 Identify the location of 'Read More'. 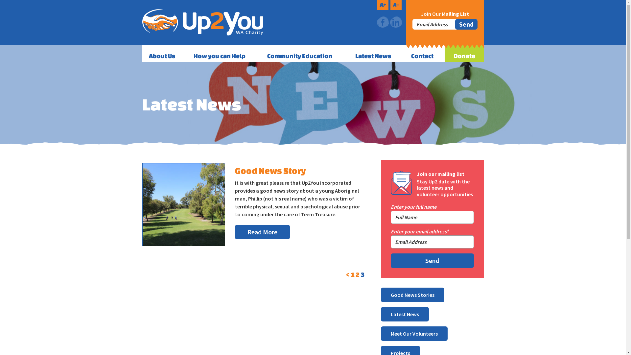
(262, 231).